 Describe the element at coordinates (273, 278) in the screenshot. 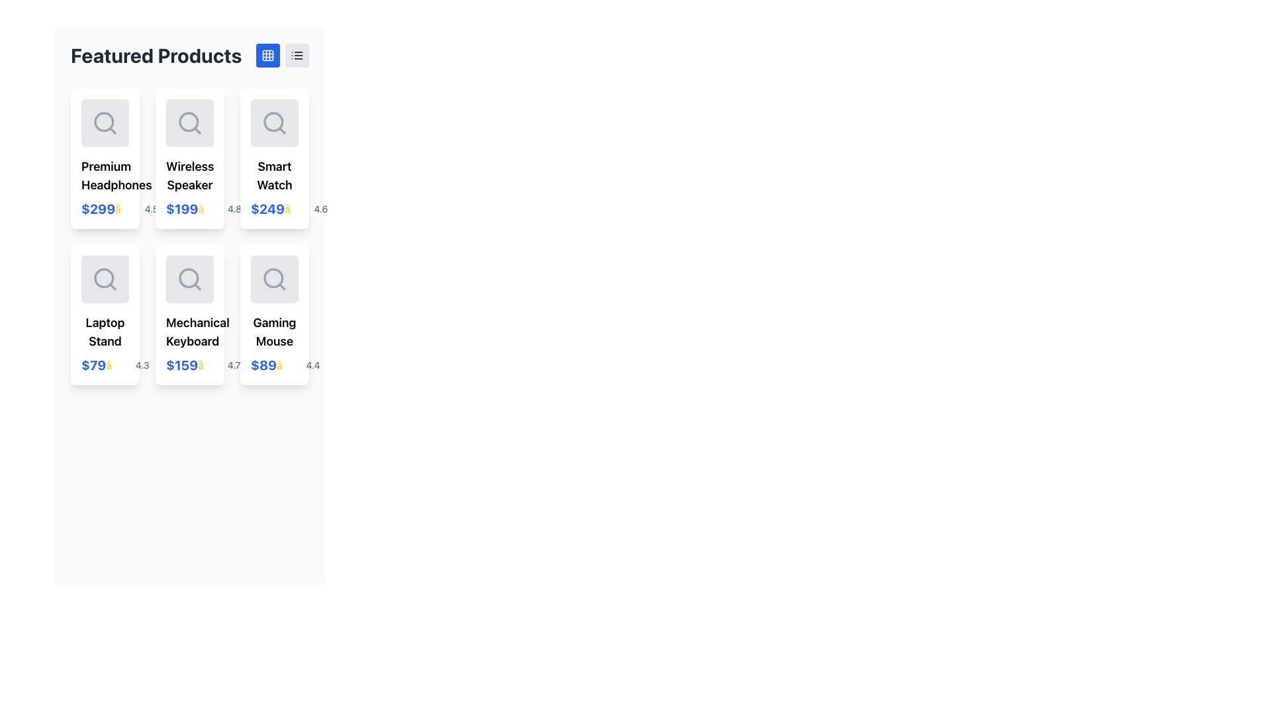

I see `the magnifying glass icon located on the 'Gaming Mouse' product card, positioned in the lower-right portion of the grid layout, above the price and rating text` at that location.